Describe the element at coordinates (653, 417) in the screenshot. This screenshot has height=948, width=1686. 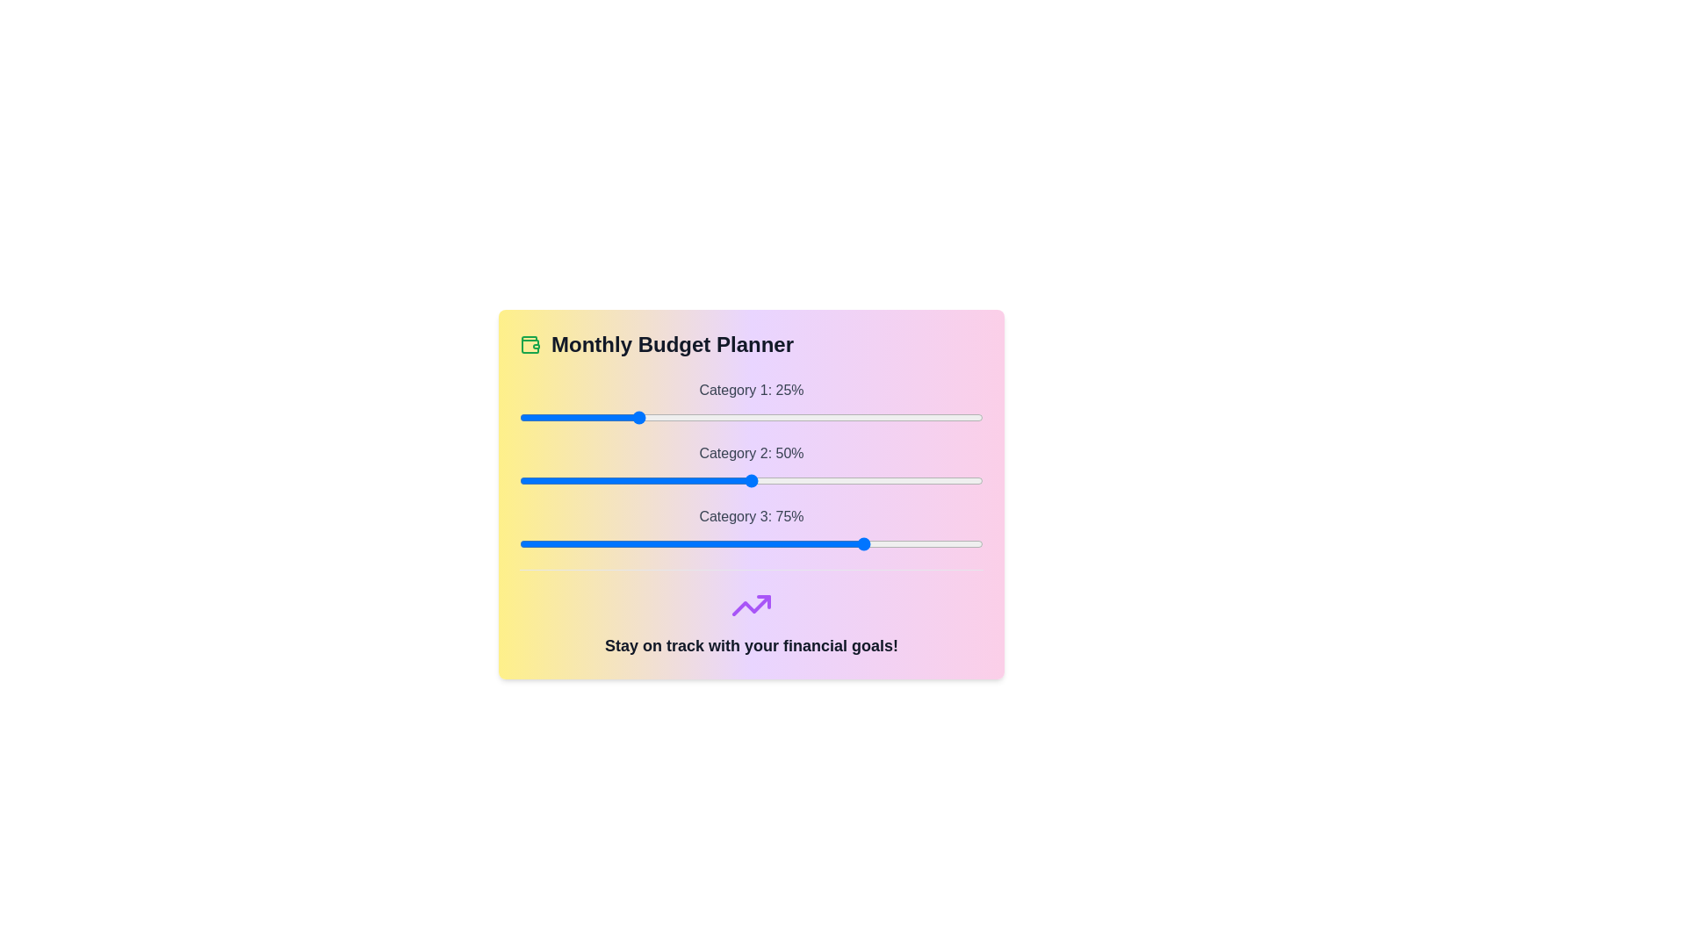
I see `the slider for Category 1 to 29%` at that location.